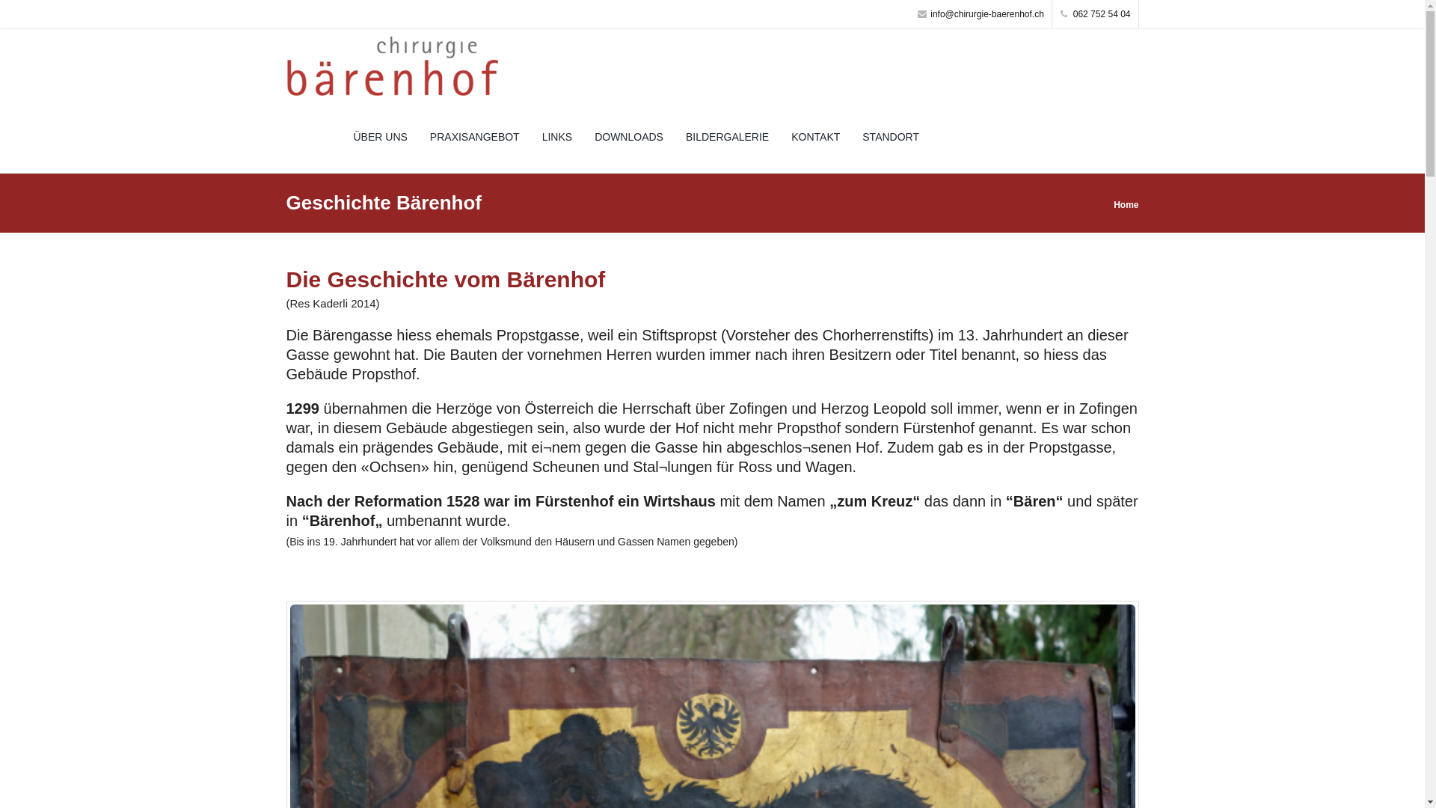  What do you see at coordinates (1095, 14) in the screenshot?
I see `' 062 752 54 04'` at bounding box center [1095, 14].